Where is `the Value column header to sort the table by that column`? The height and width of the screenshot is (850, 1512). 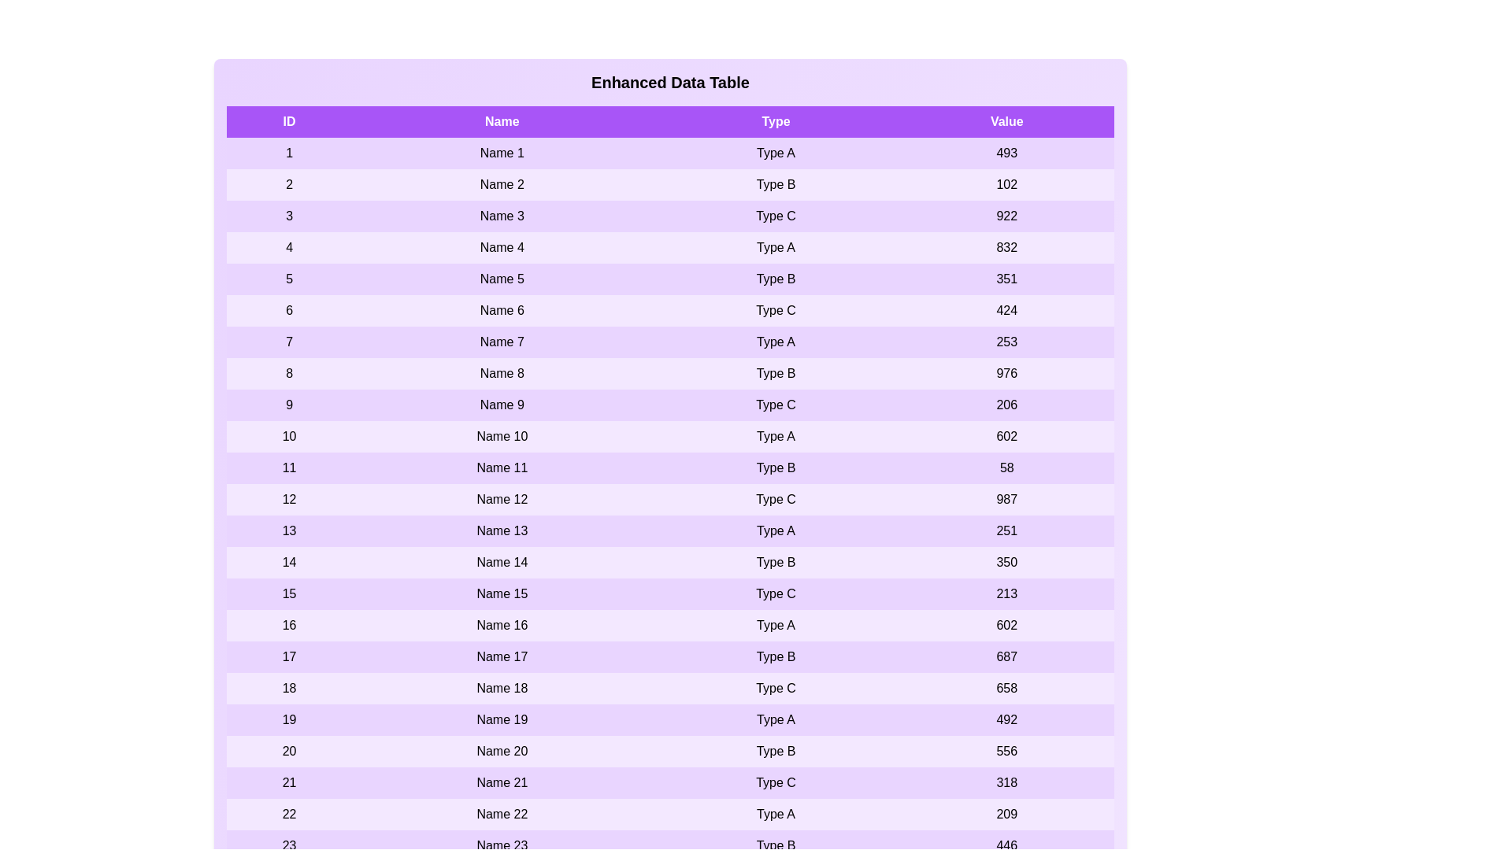
the Value column header to sort the table by that column is located at coordinates (1006, 120).